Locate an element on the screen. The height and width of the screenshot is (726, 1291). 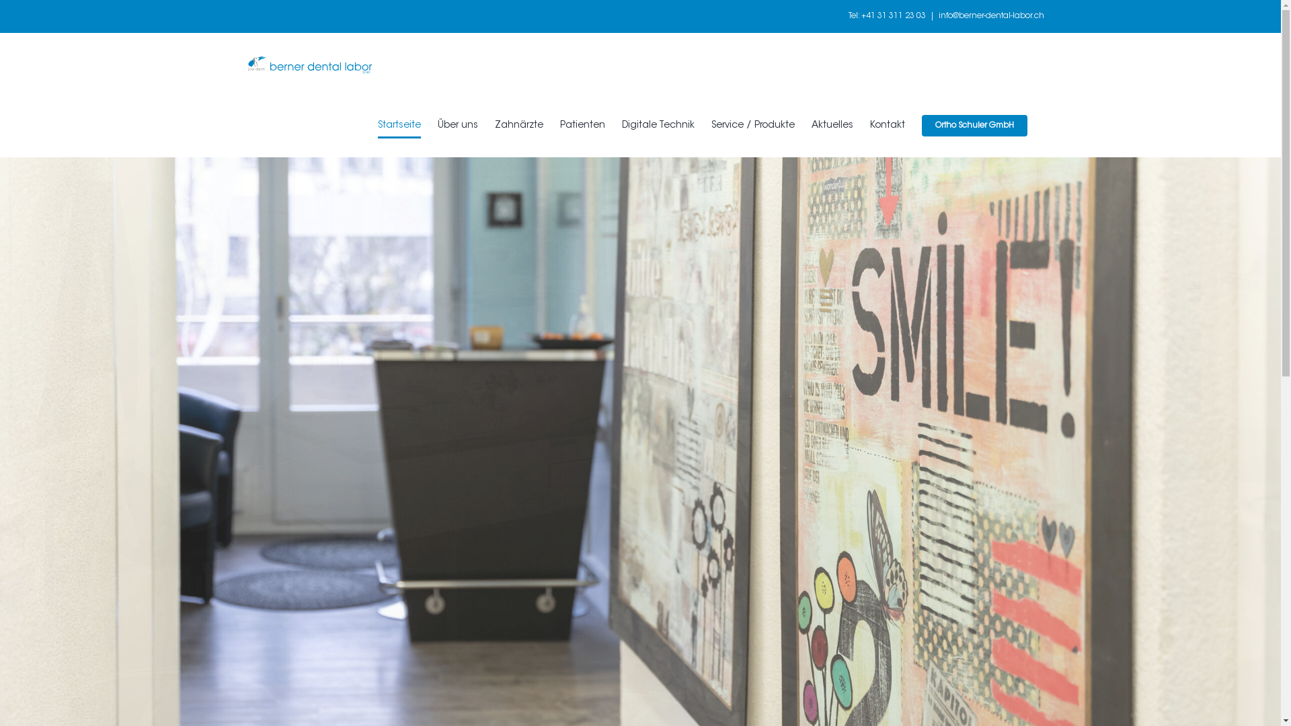
'Patienten' is located at coordinates (582, 125).